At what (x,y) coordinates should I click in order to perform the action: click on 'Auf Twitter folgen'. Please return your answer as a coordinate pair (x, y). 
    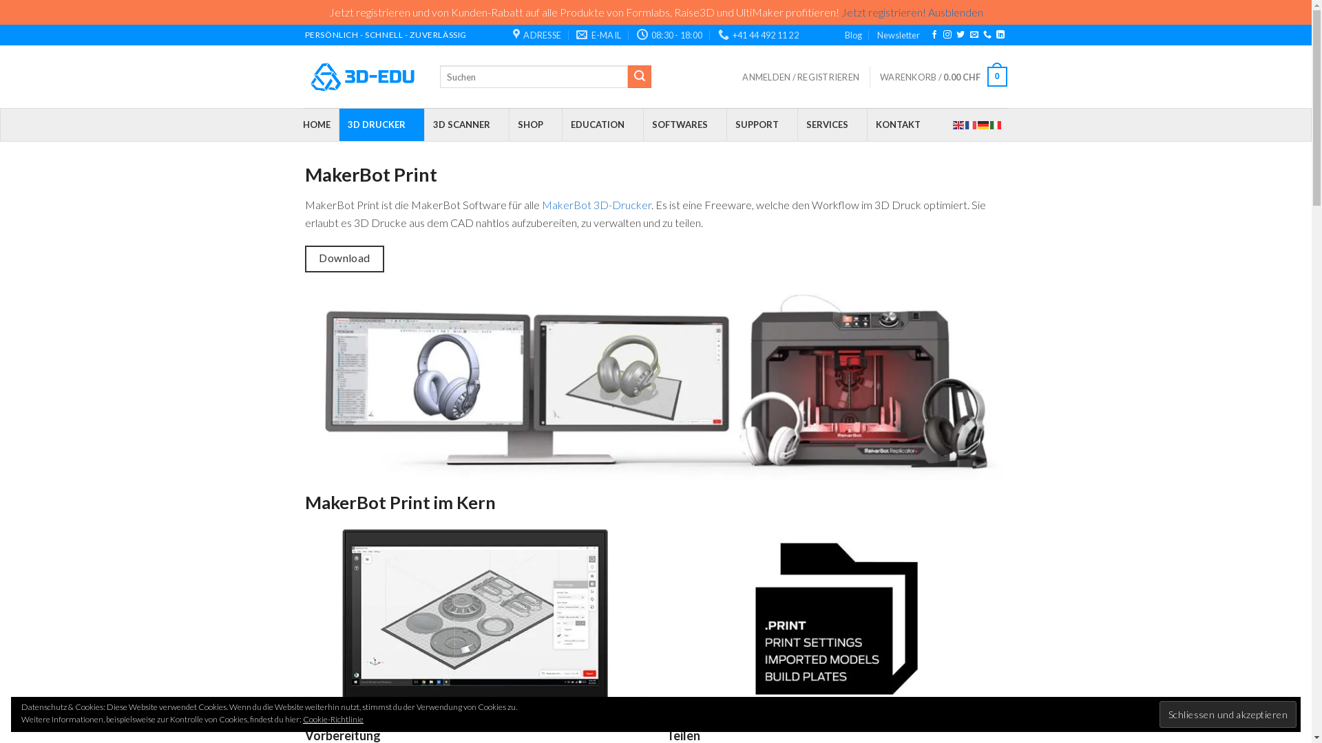
    Looking at the image, I should click on (960, 34).